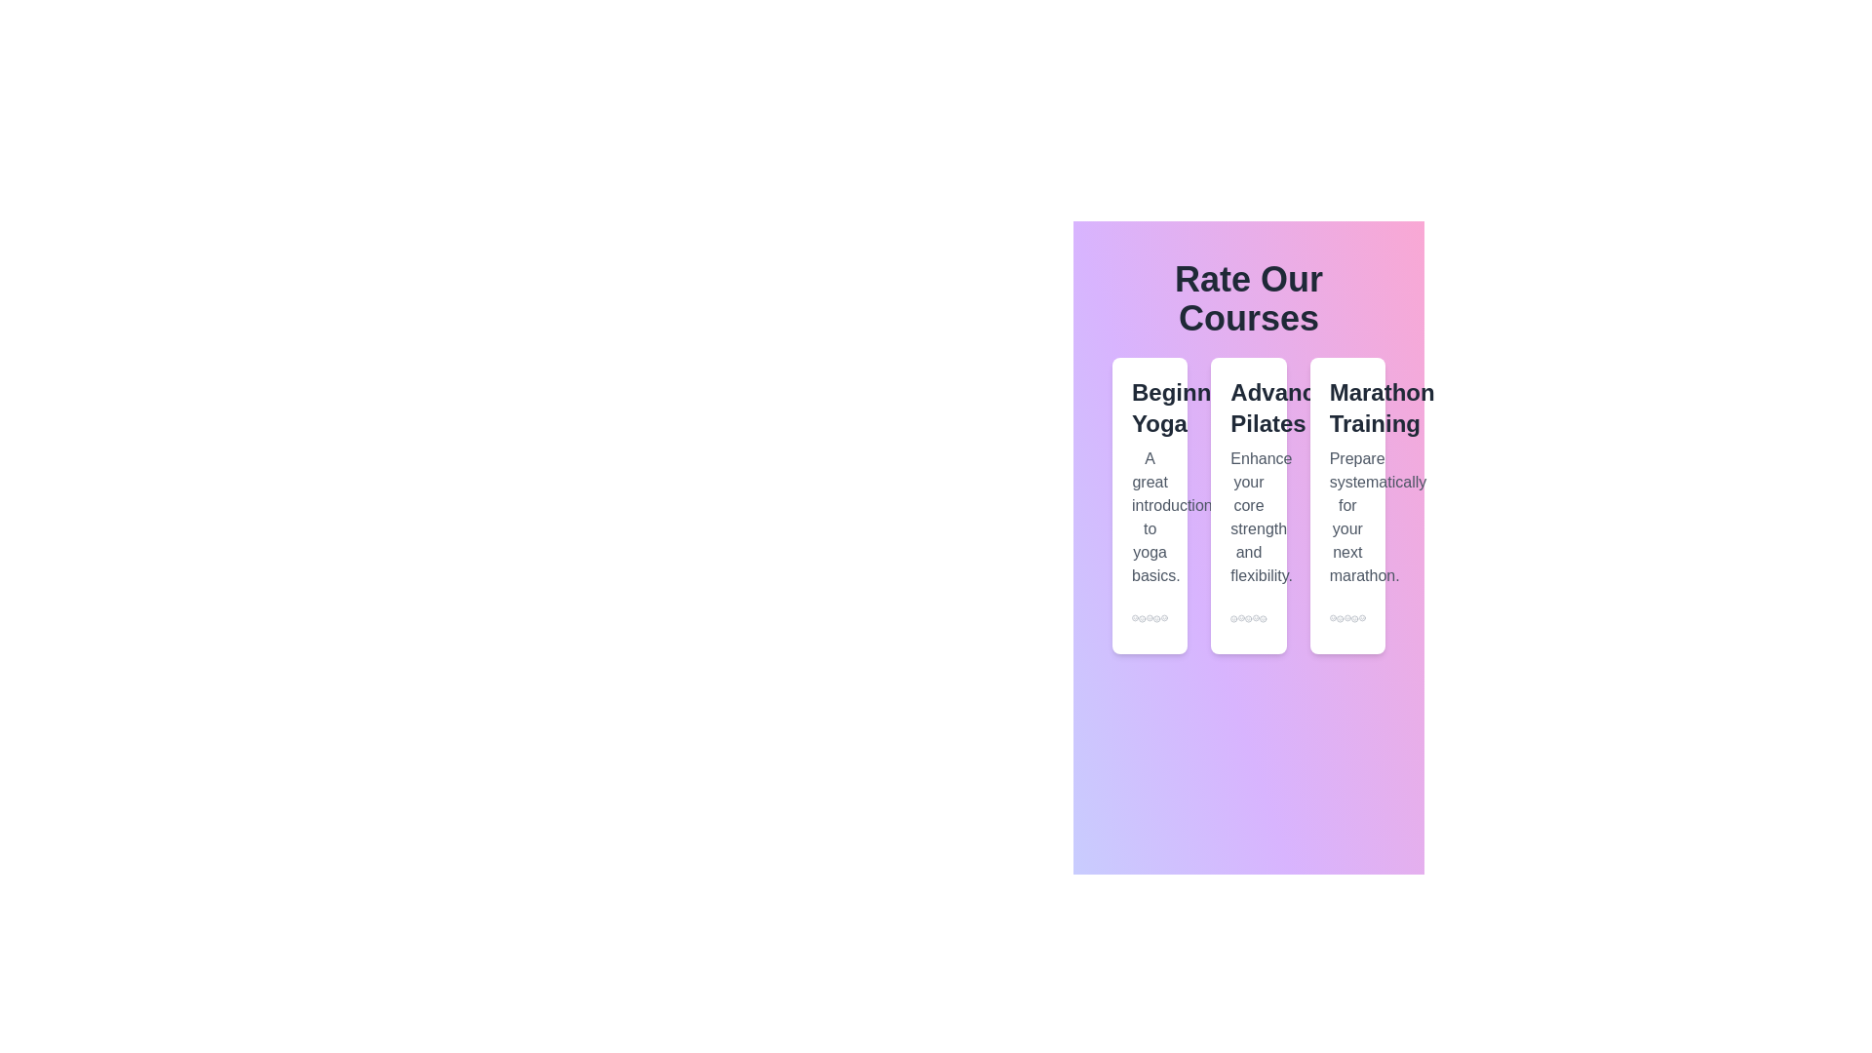 The image size is (1872, 1053). I want to click on the course card for Advanced Pilates, so click(1248, 505).